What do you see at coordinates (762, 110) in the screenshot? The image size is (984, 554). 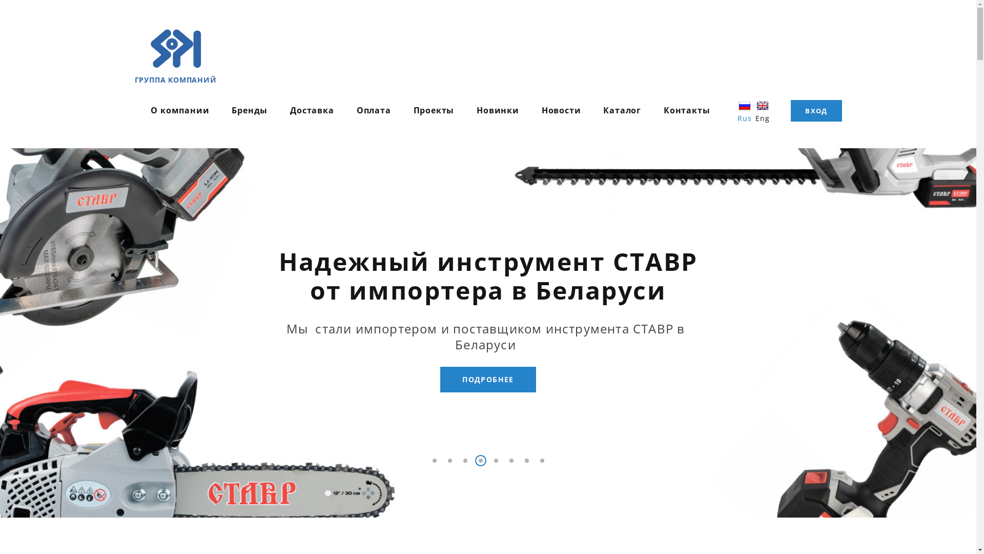 I see `'Eng'` at bounding box center [762, 110].